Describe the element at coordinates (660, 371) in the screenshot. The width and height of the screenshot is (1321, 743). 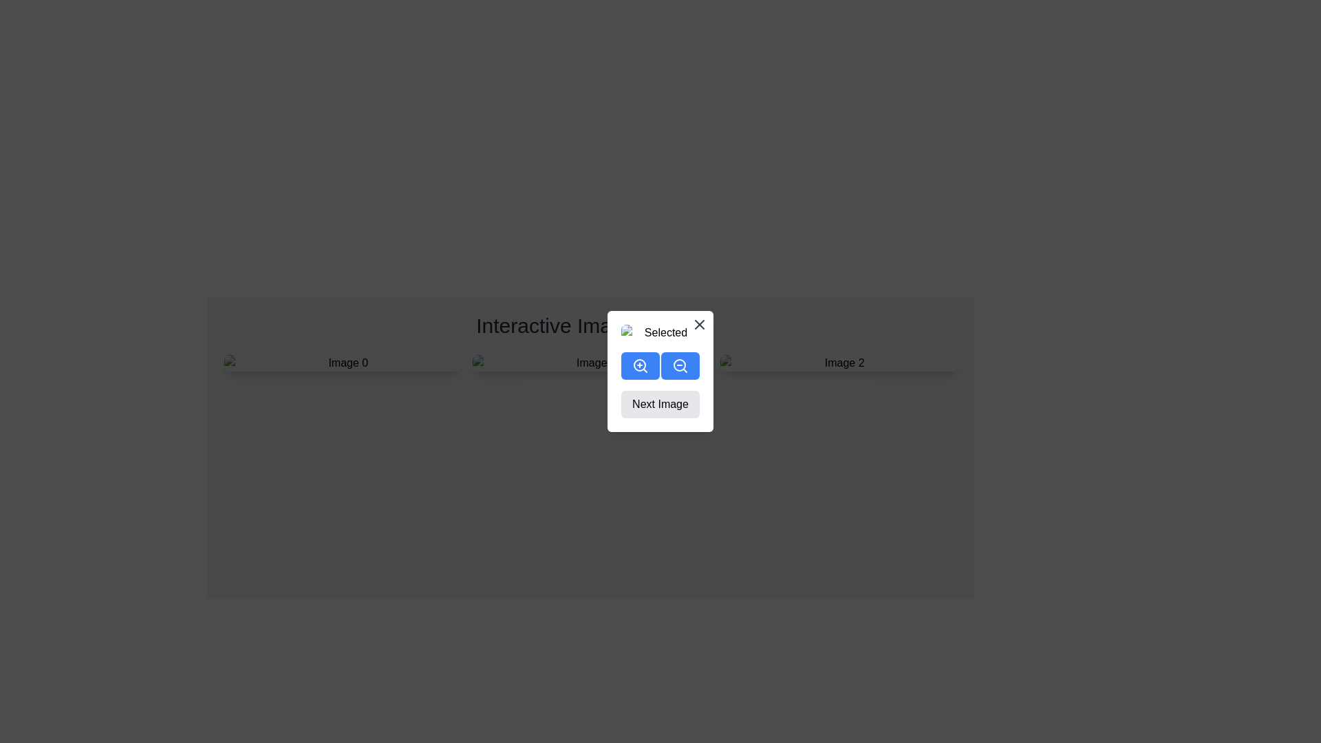
I see `the button labeled 'Next Image', which has a light gray background and rounded corners, located at the bottom of the central modal window under the blue buttons` at that location.